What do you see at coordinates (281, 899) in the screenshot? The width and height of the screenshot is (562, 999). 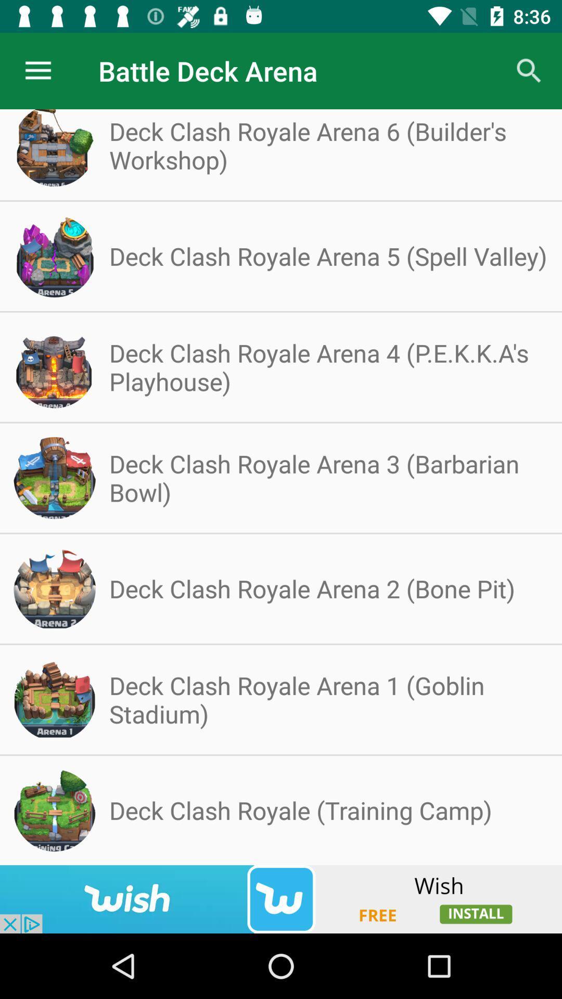 I see `screen page` at bounding box center [281, 899].